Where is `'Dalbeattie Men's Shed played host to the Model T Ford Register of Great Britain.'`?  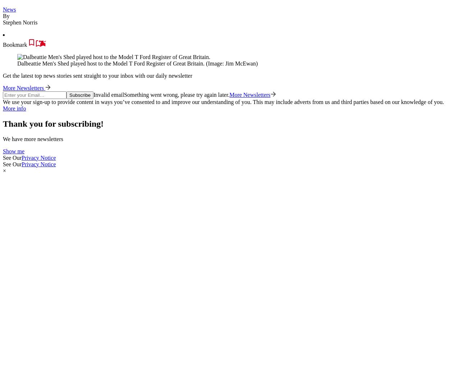 'Dalbeattie Men's Shed played host to the Model T Ford Register of Great Britain.' is located at coordinates (110, 63).